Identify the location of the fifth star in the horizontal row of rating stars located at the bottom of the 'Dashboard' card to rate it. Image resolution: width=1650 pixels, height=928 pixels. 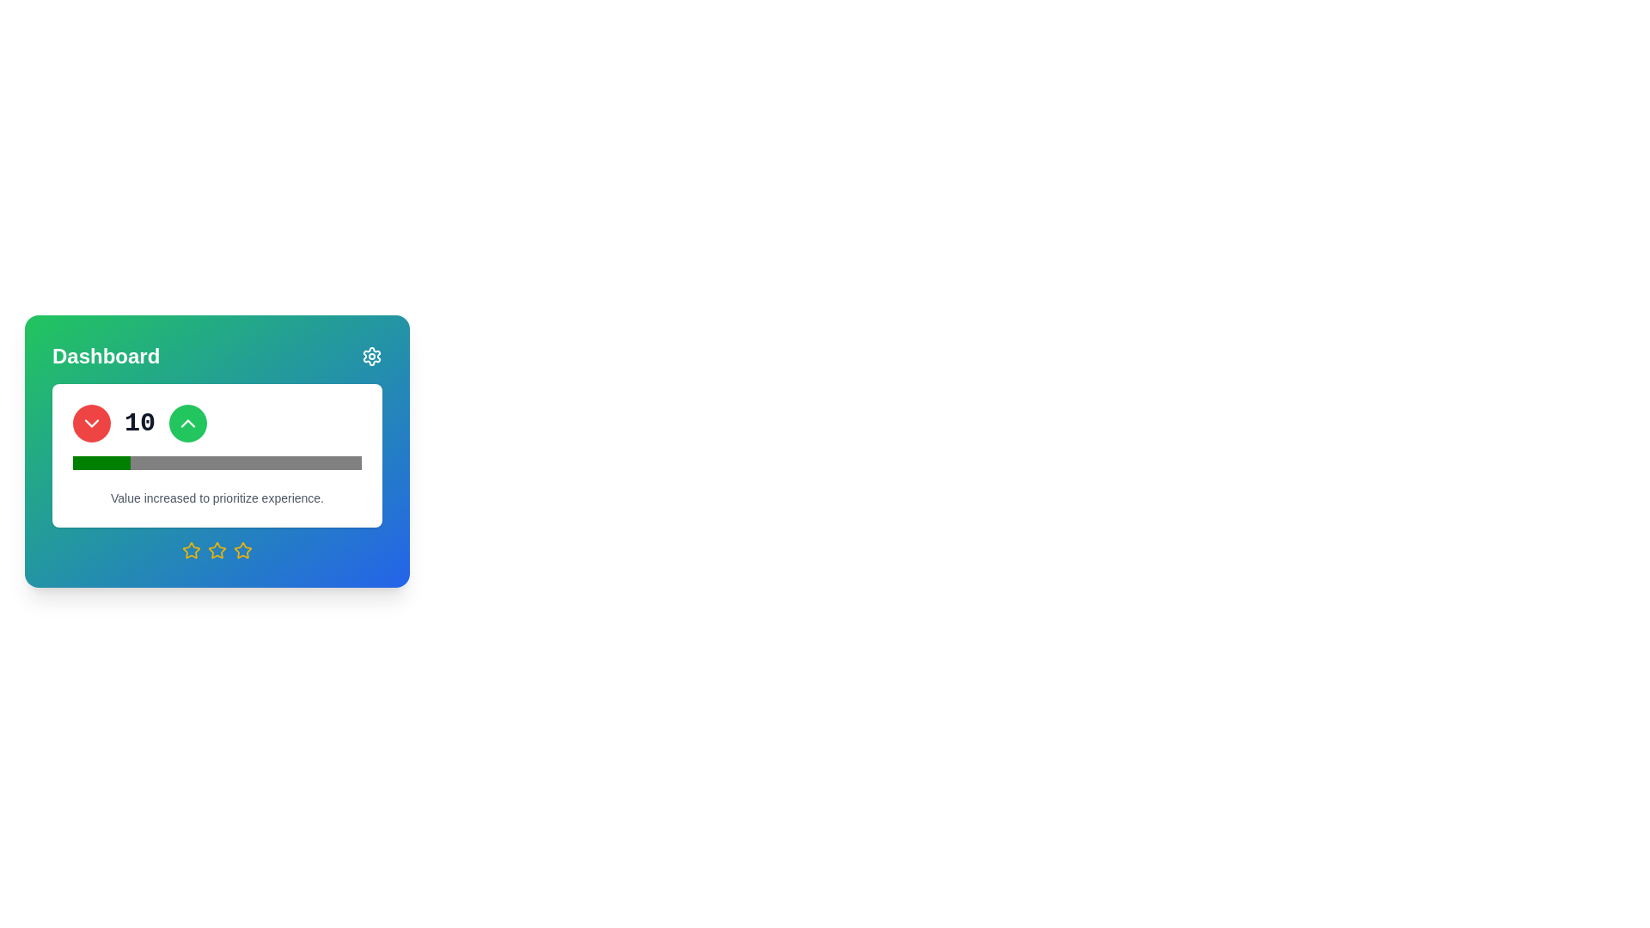
(242, 550).